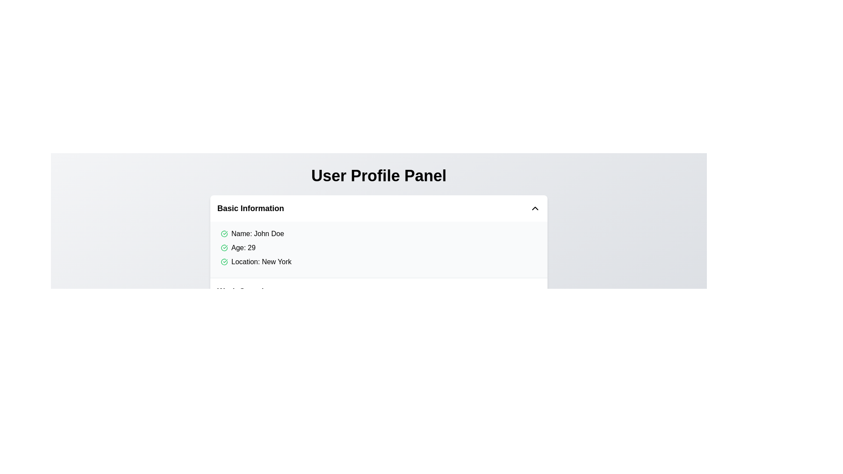  Describe the element at coordinates (224, 262) in the screenshot. I see `the circular SVG element with a green border representing confirmation, located in the 'Basic Information' section to the left of 'Name: John Doe'` at that location.